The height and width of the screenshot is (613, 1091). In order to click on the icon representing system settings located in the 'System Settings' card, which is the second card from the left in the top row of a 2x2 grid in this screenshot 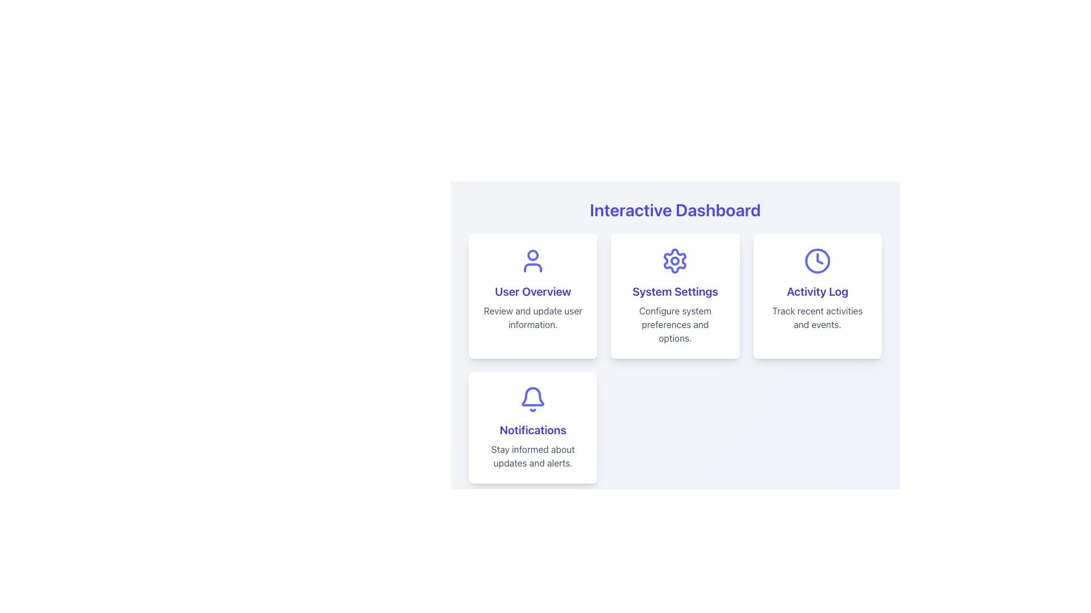, I will do `click(675, 261)`.